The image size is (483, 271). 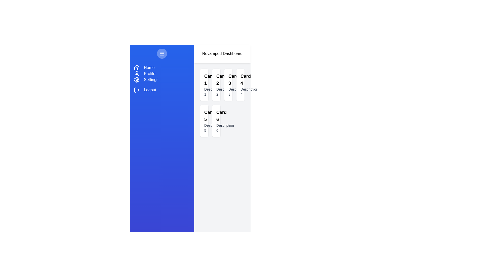 What do you see at coordinates (204, 85) in the screenshot?
I see `the first card titled 'Card 1' in the top-left corner of the 2x3 grid layout, which is visually distinct with a white background and rounded corners` at bounding box center [204, 85].